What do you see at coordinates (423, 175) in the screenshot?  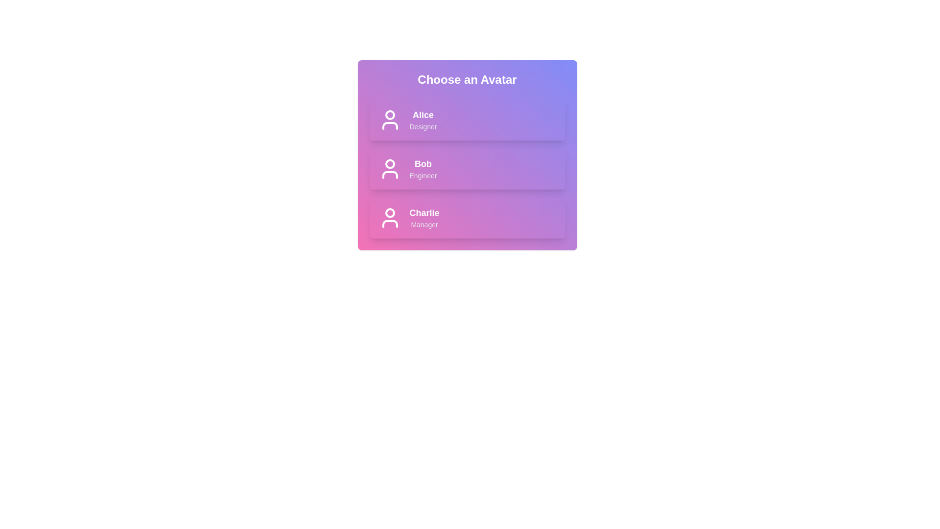 I see `the text label element reading 'Engineer', which is positioned directly beneath the text 'Bob'` at bounding box center [423, 175].